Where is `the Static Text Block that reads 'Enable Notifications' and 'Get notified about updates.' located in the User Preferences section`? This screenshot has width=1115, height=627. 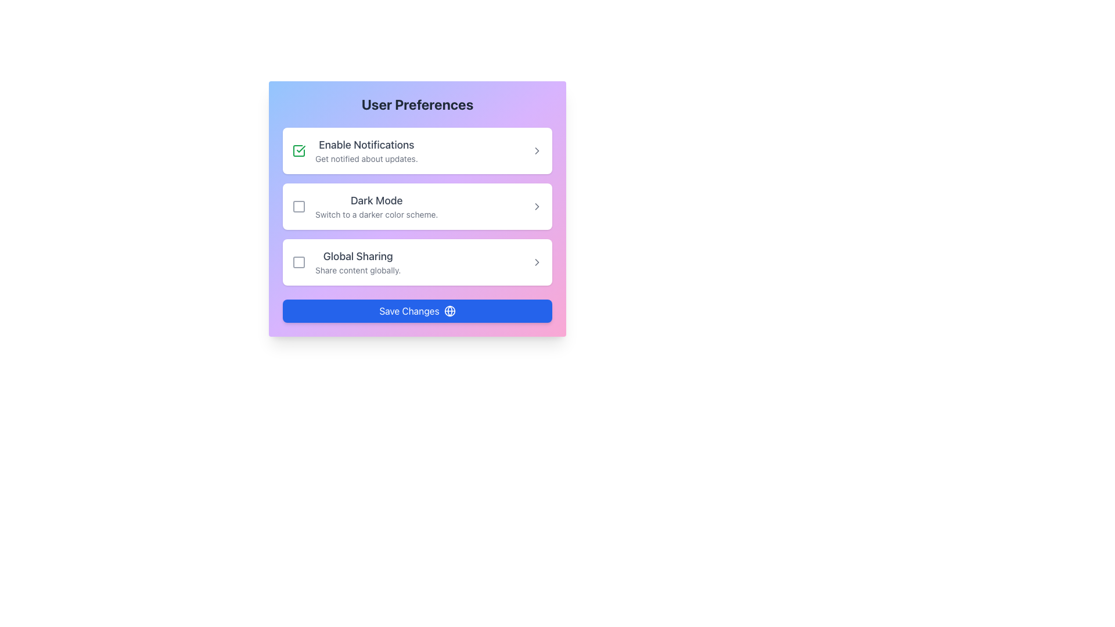 the Static Text Block that reads 'Enable Notifications' and 'Get notified about updates.' located in the User Preferences section is located at coordinates (366, 150).